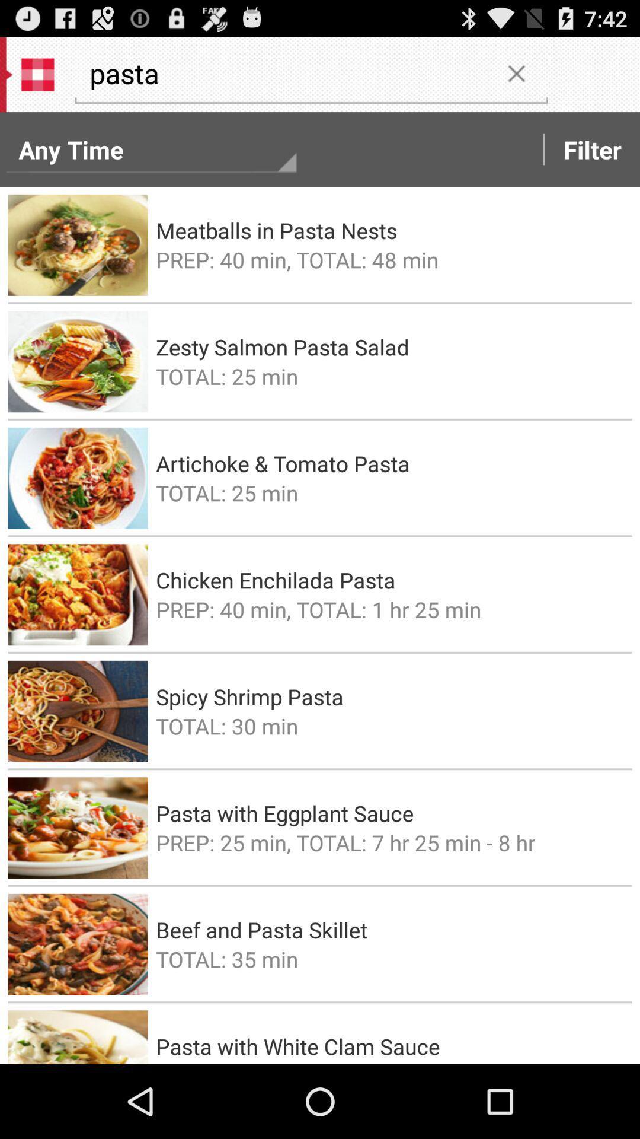 This screenshot has width=640, height=1139. I want to click on the item above prep 40 min, so click(390, 580).